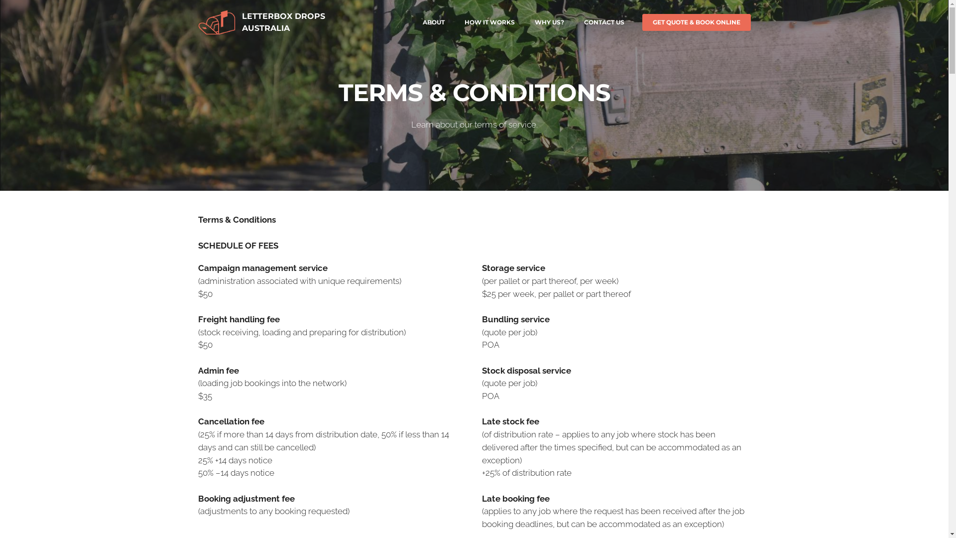 The height and width of the screenshot is (538, 956). I want to click on 'LETTERBOX DROPS, so click(283, 22).